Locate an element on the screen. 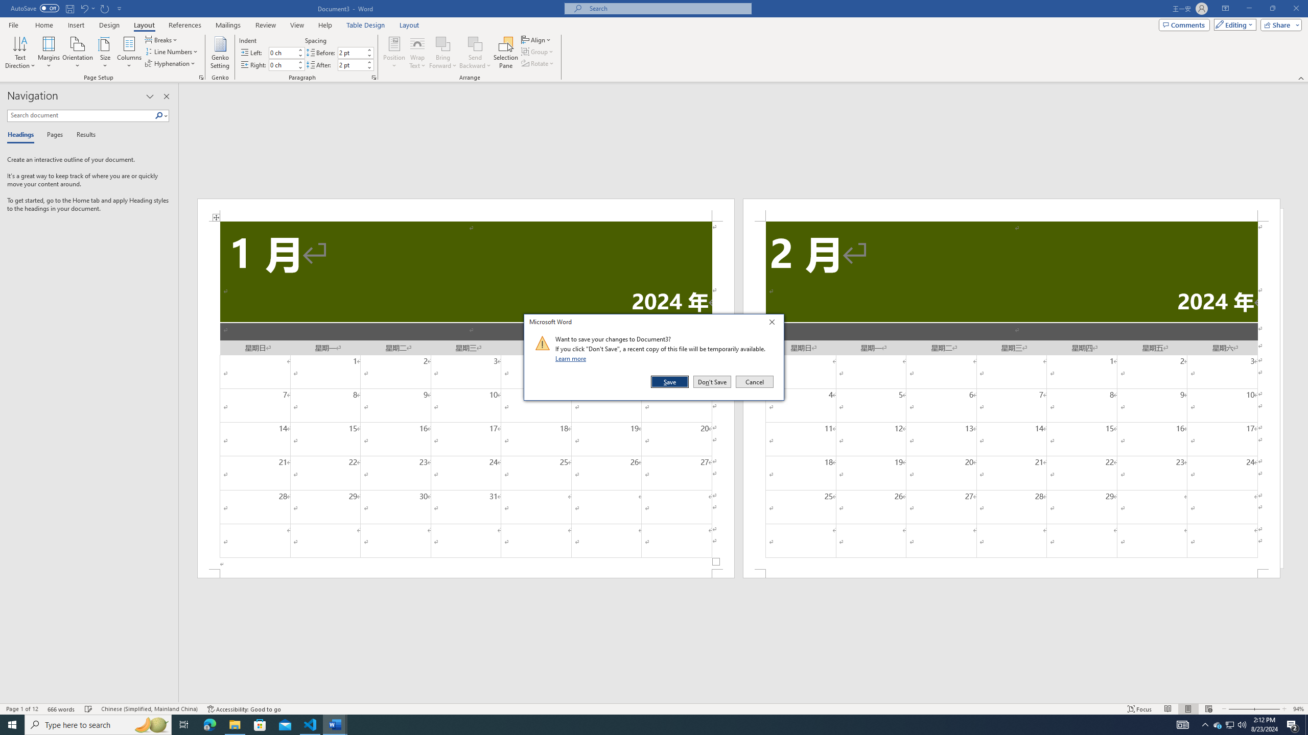 The image size is (1308, 735). 'Rotate' is located at coordinates (538, 62).